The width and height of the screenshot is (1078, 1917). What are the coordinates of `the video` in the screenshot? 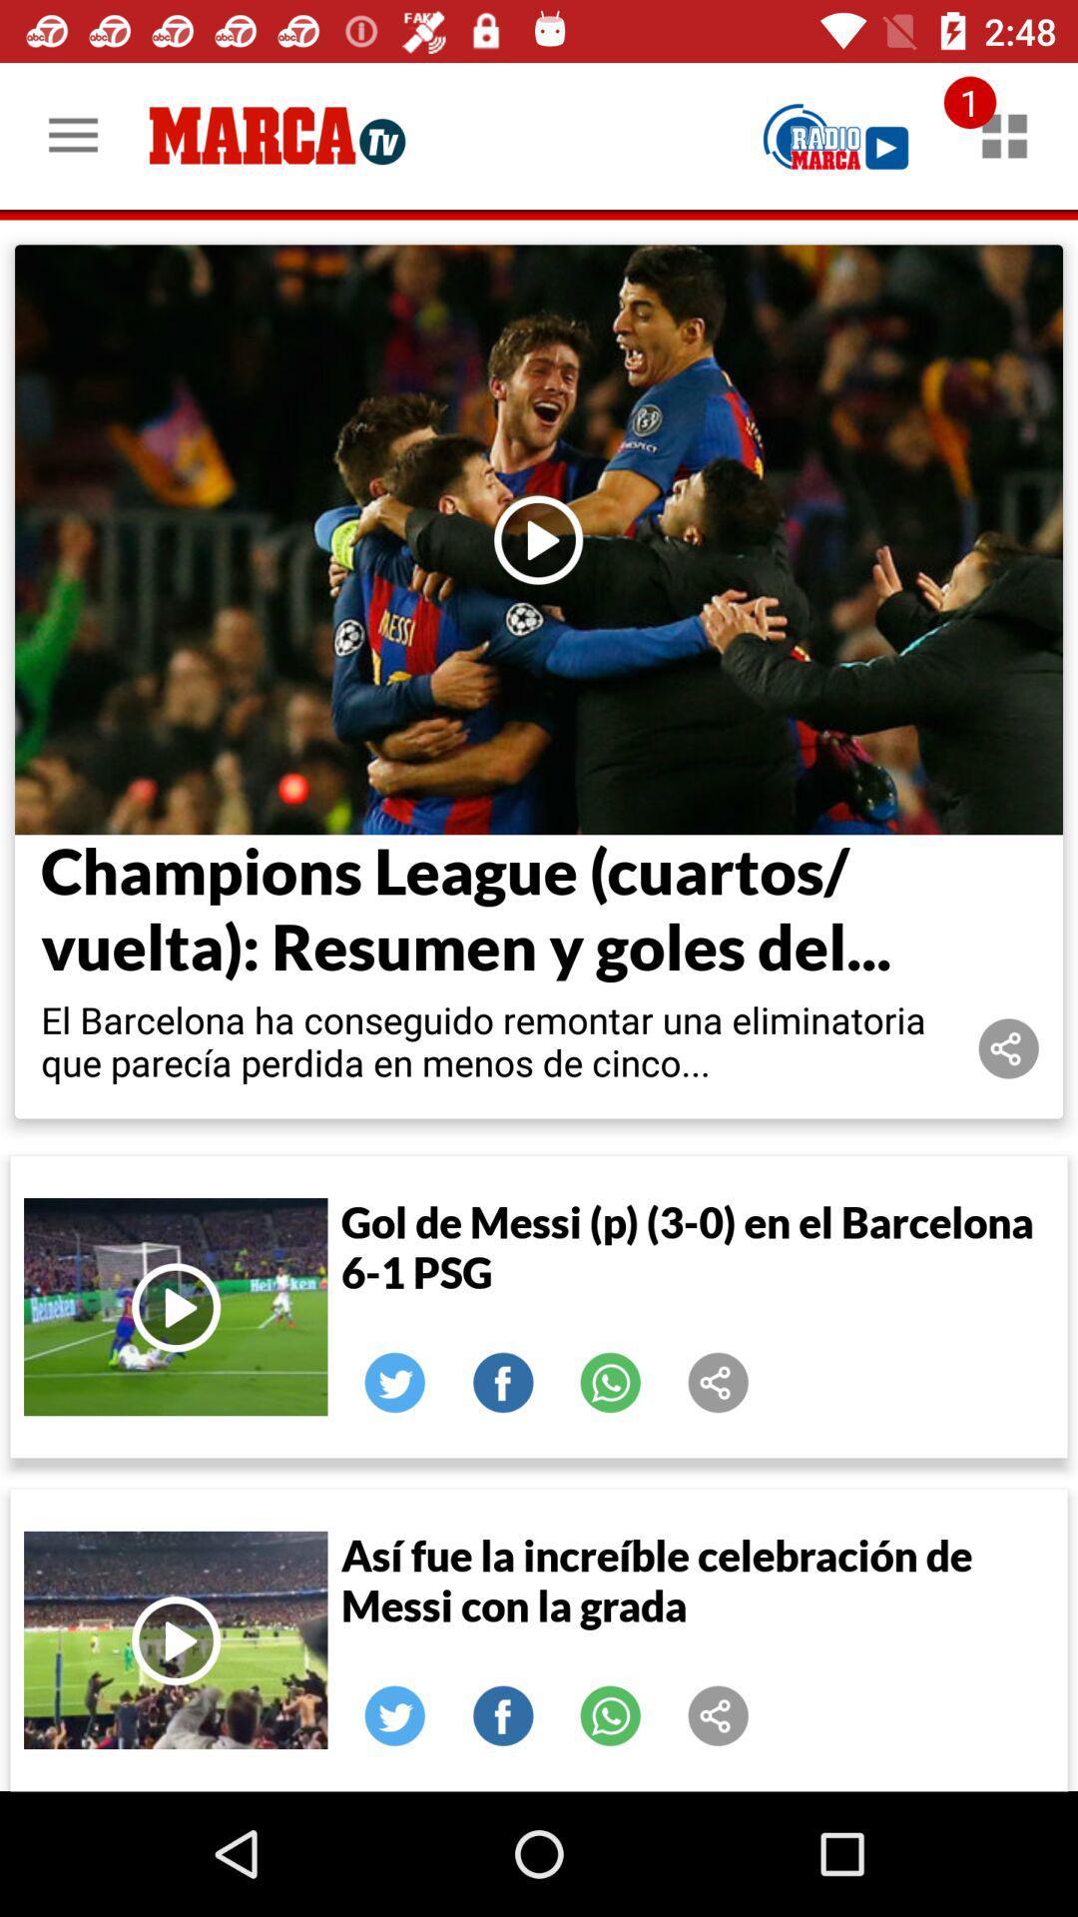 It's located at (539, 539).